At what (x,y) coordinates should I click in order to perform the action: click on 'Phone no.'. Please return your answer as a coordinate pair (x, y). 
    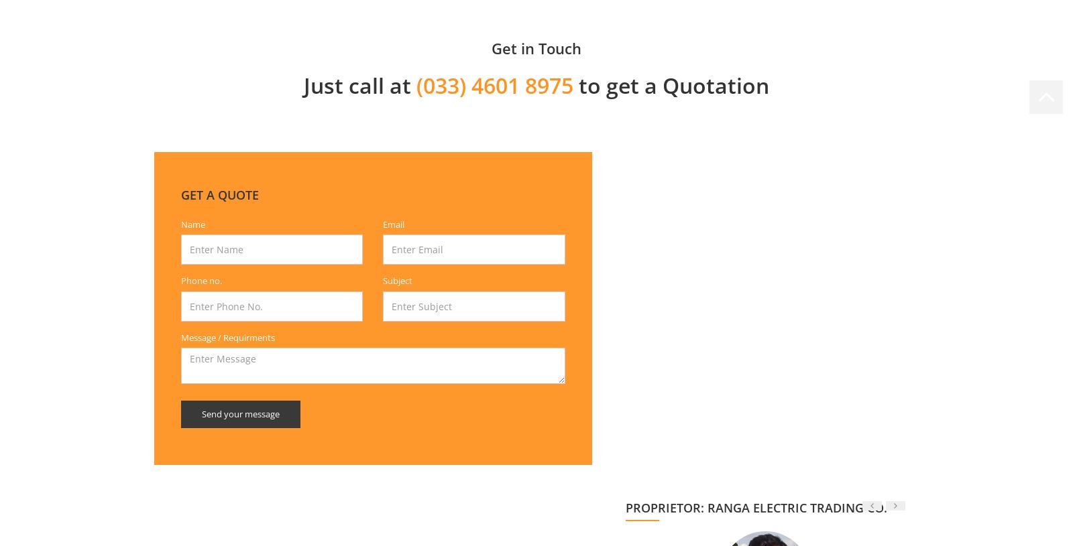
    Looking at the image, I should click on (201, 280).